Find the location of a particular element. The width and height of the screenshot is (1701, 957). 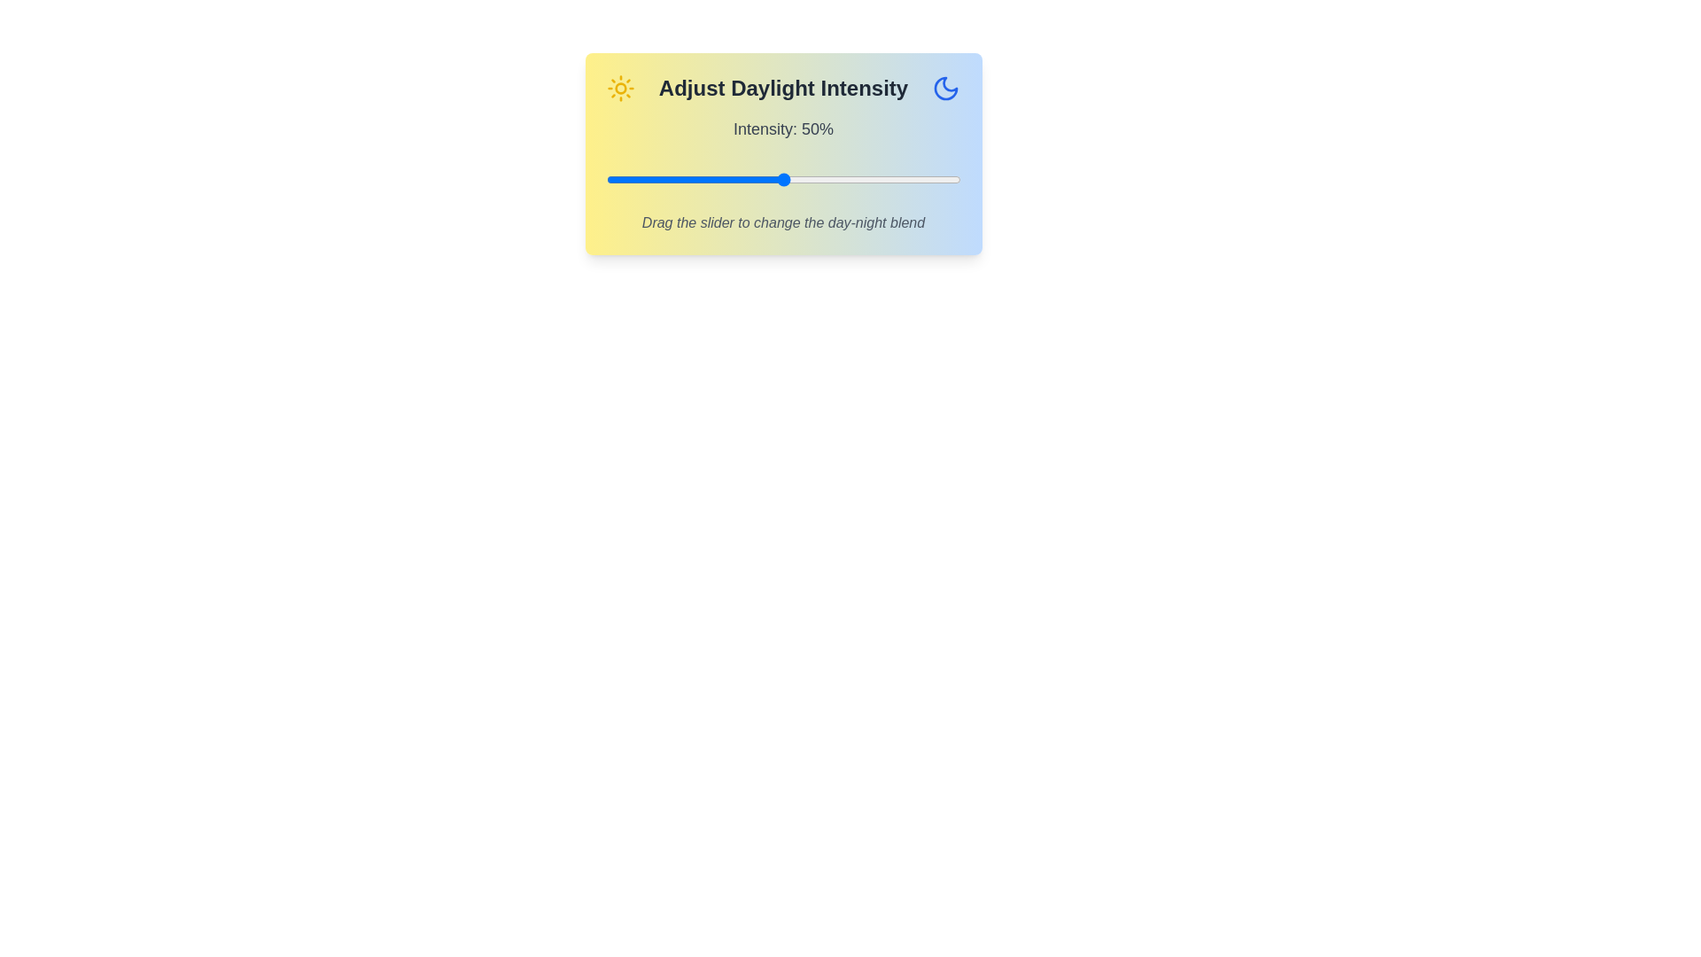

the daylight intensity slider to 41% is located at coordinates (751, 180).